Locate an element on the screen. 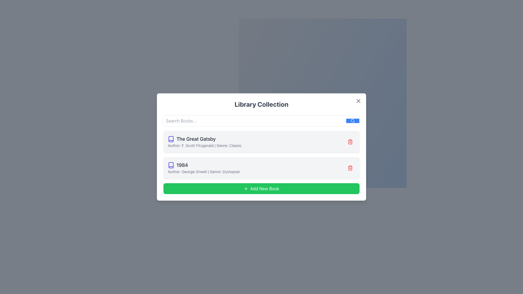  the magnifying glass icon button located at the right edge of the search bar to initiate a search is located at coordinates (353, 120).